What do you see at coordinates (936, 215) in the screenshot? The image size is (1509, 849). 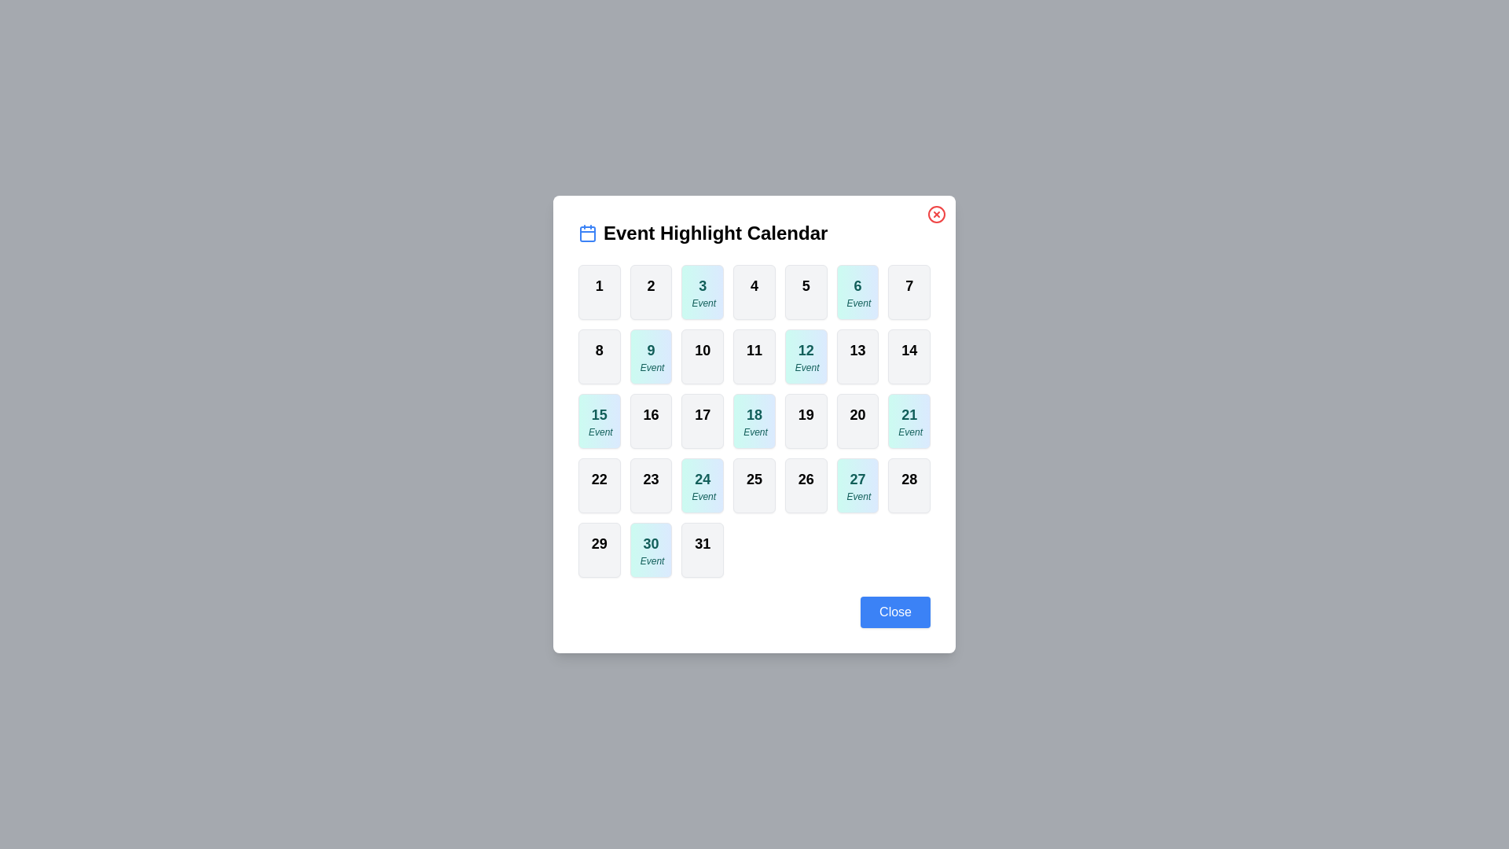 I see `the close button in the top-right corner of the dialog` at bounding box center [936, 215].